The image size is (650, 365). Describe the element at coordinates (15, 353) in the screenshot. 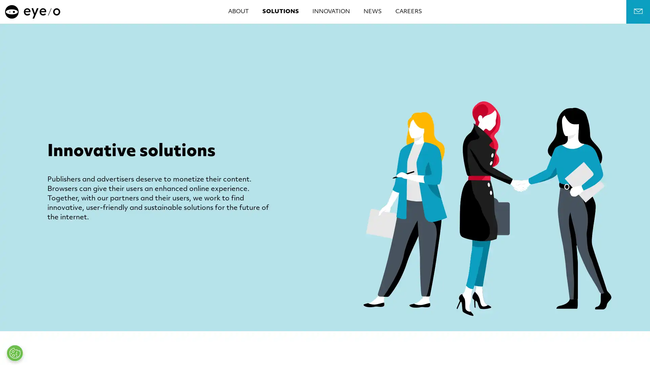

I see `Open Preferences` at that location.